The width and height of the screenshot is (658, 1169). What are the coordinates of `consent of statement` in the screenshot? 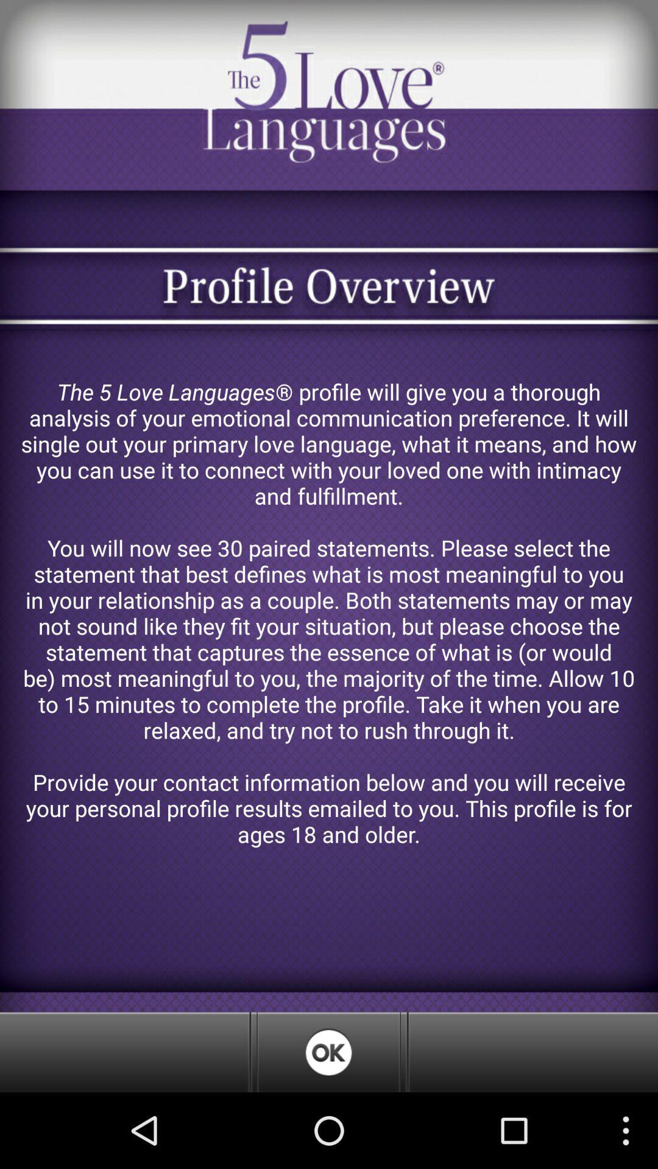 It's located at (328, 1051).